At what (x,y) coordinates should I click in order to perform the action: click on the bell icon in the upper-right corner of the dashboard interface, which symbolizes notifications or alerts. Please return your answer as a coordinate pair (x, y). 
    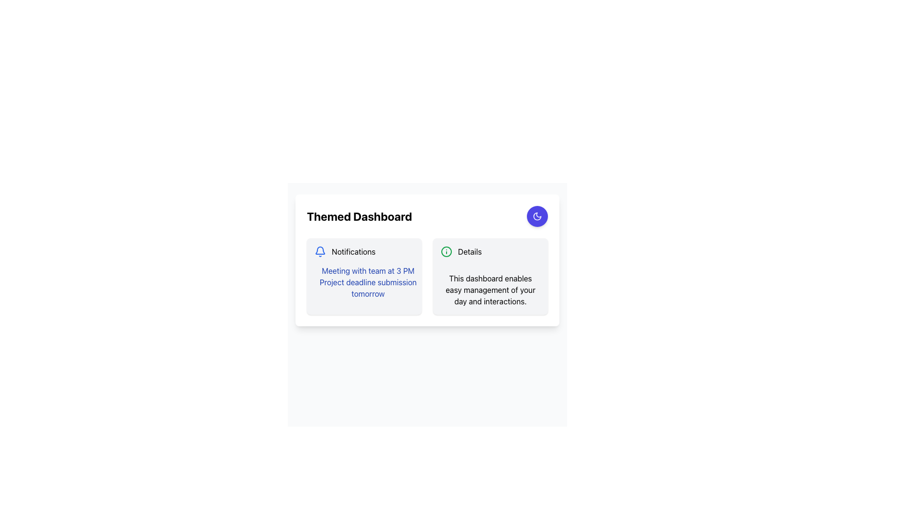
    Looking at the image, I should click on (320, 250).